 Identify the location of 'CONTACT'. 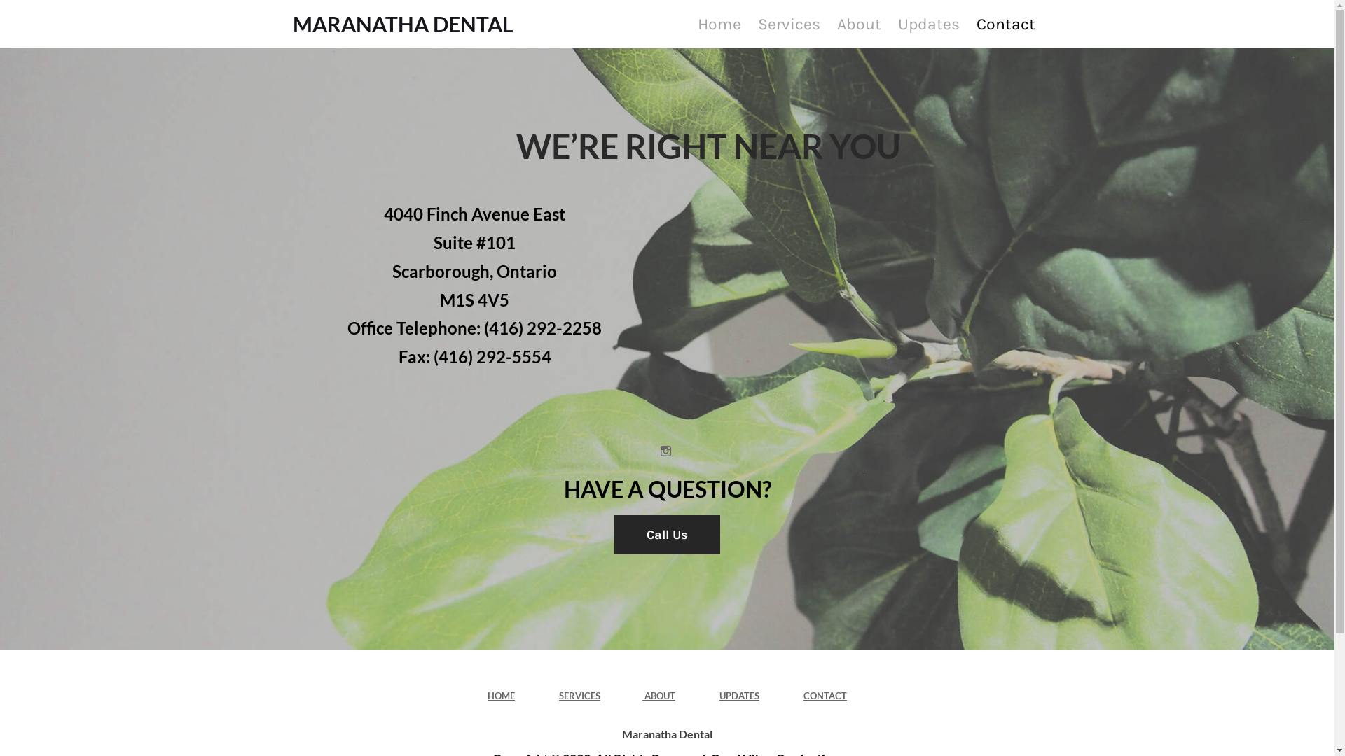
(825, 696).